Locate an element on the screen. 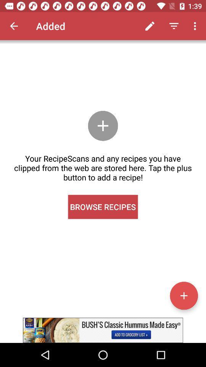  go back is located at coordinates (14, 26).